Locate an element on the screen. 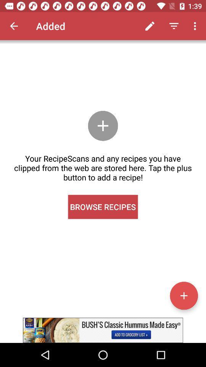  go back is located at coordinates (14, 26).